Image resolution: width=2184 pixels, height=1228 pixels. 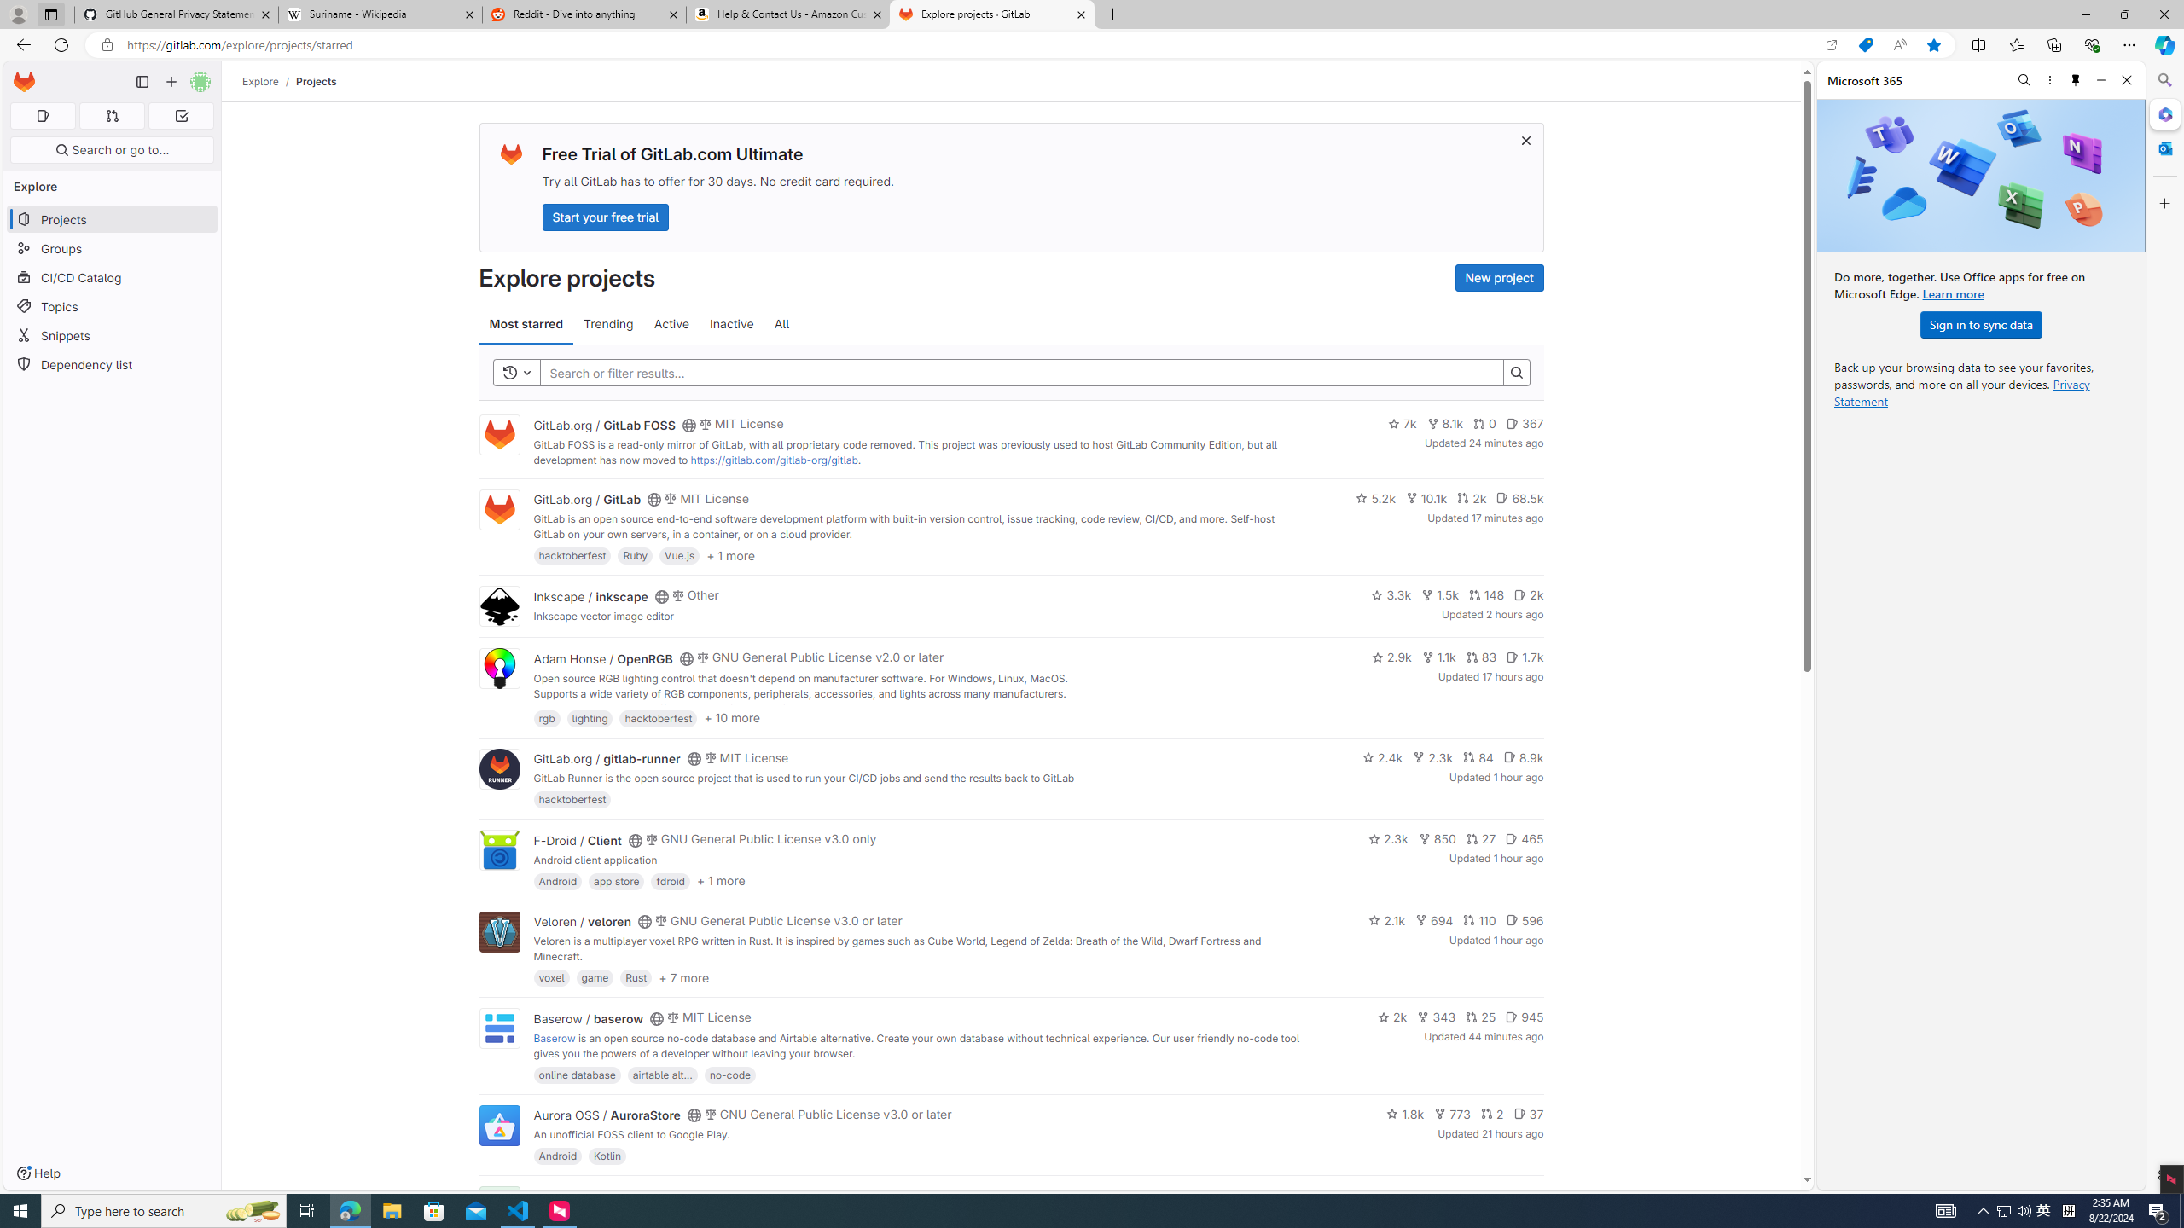 What do you see at coordinates (1443, 424) in the screenshot?
I see `'8.1k'` at bounding box center [1443, 424].